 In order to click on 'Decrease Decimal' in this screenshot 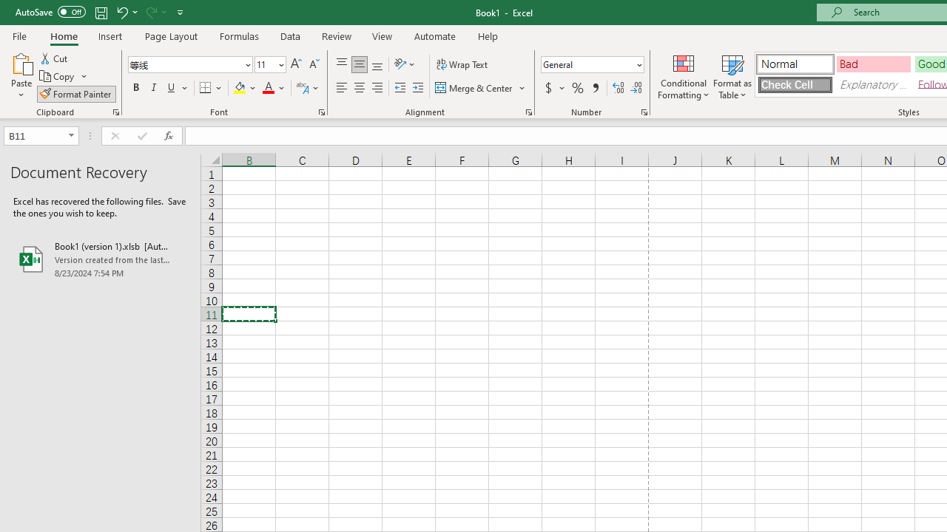, I will do `click(636, 88)`.